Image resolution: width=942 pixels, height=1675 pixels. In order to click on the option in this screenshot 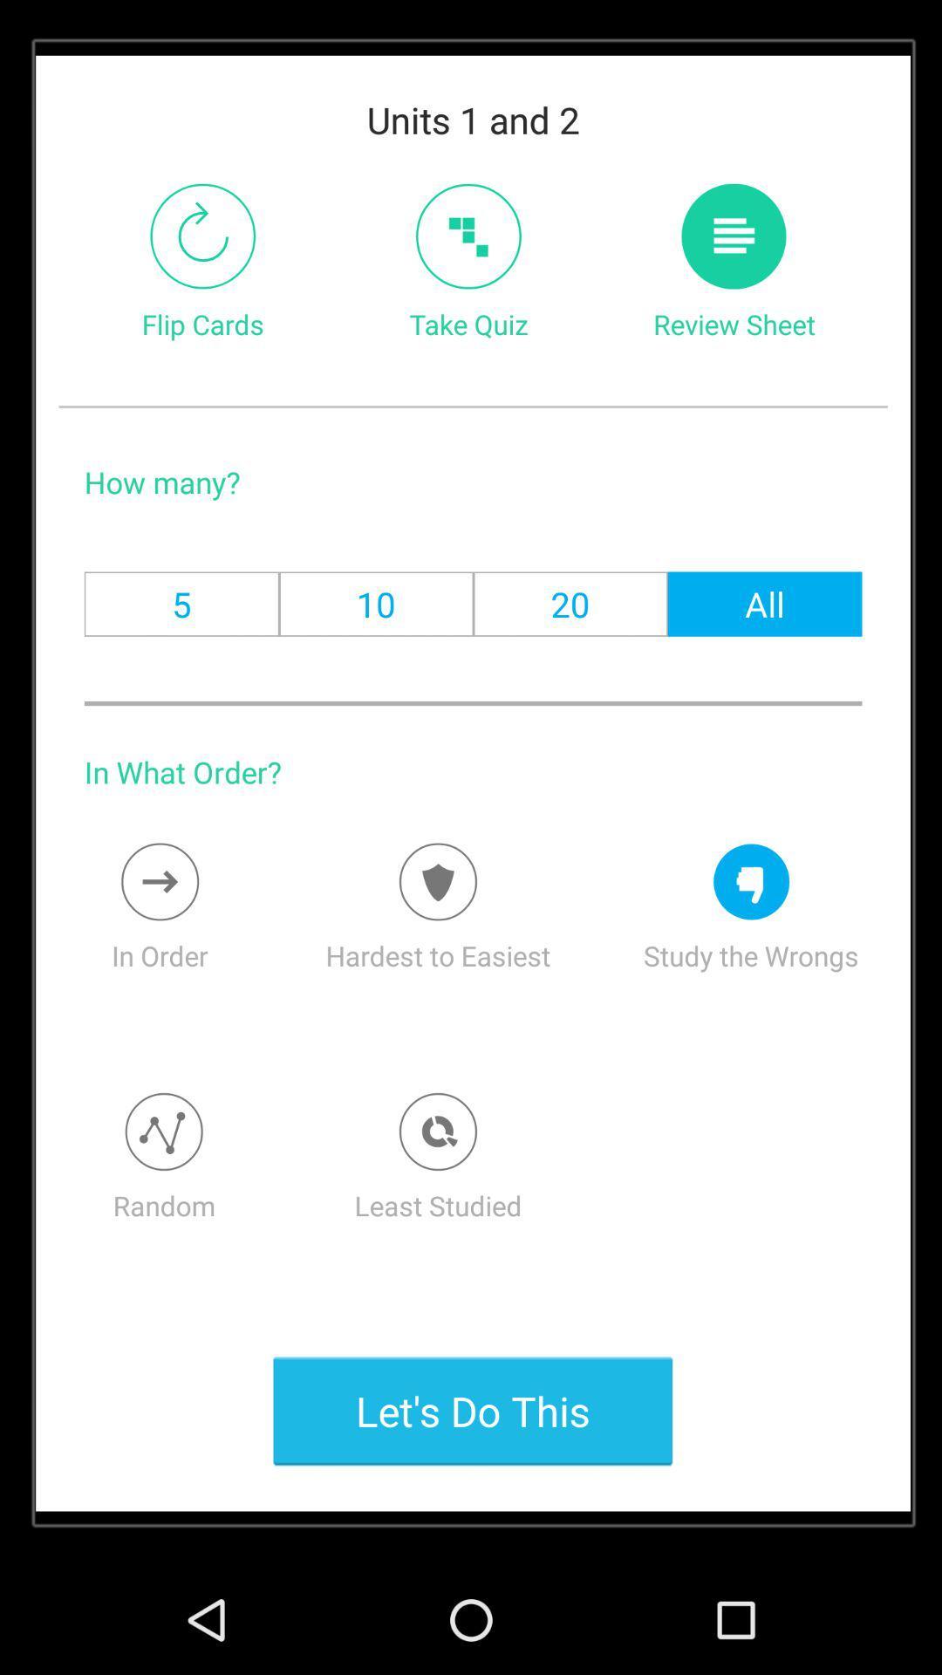, I will do `click(437, 1131)`.